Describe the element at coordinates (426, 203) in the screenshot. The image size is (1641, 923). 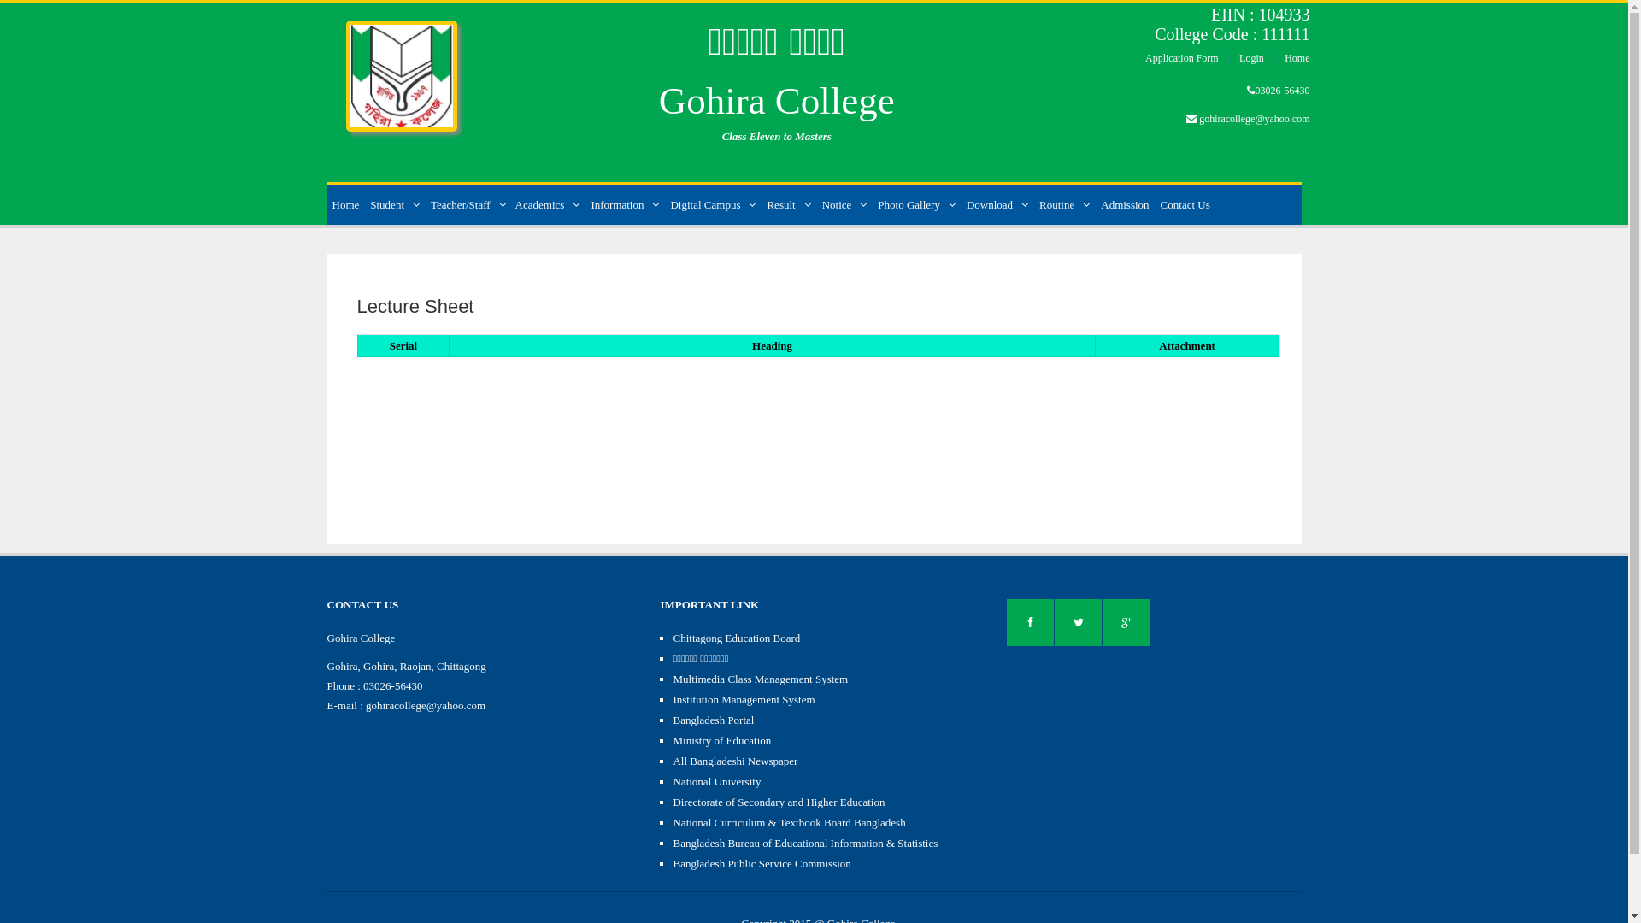
I see `'Teacher/Staff'` at that location.